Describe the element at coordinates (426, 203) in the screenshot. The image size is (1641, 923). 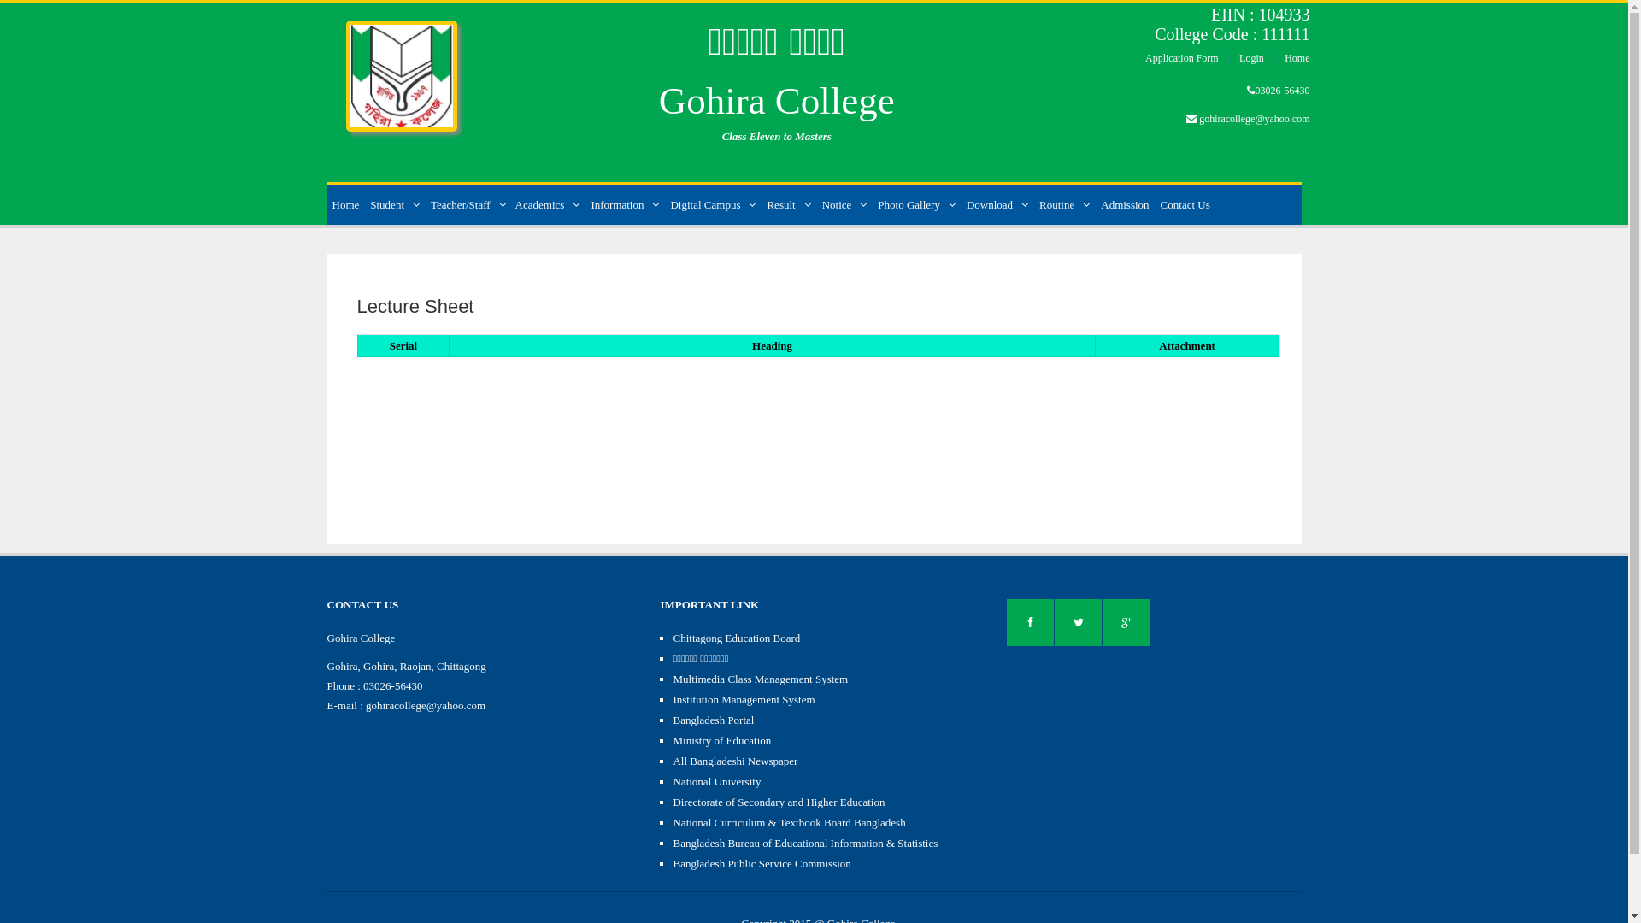
I see `'Teacher/Staff'` at that location.